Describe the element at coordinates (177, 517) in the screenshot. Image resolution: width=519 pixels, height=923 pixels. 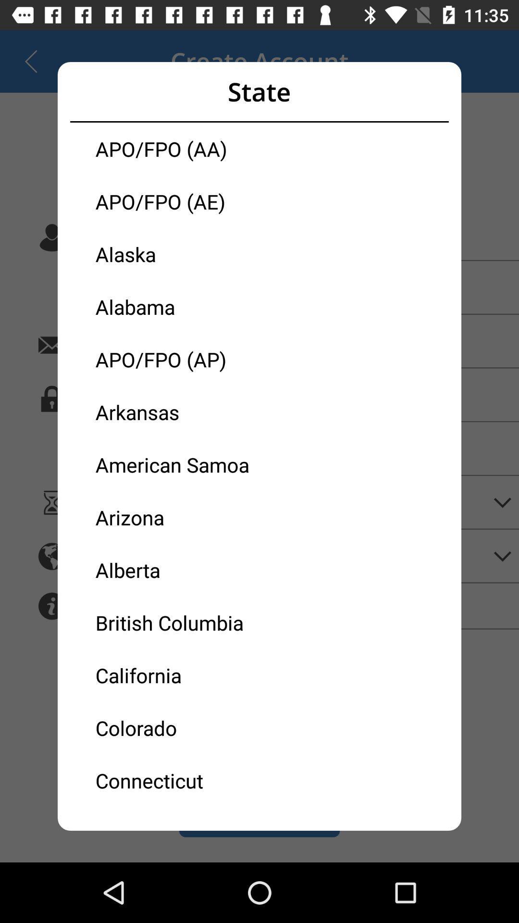
I see `item above alberta icon` at that location.